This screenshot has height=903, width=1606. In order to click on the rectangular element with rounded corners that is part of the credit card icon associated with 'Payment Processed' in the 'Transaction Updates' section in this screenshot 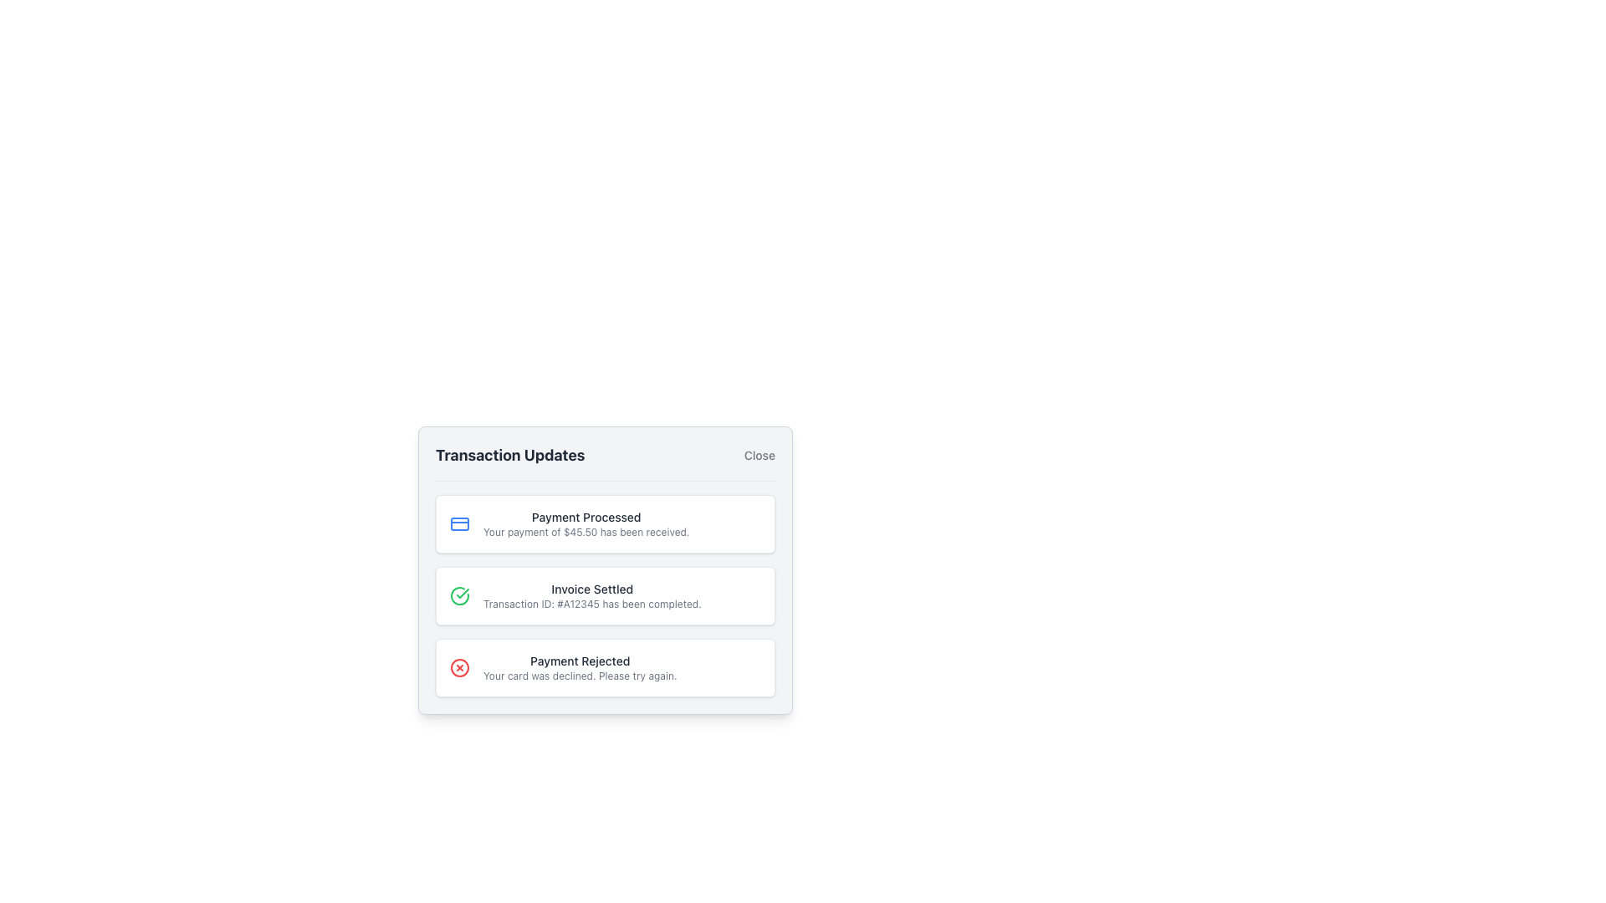, I will do `click(460, 523)`.